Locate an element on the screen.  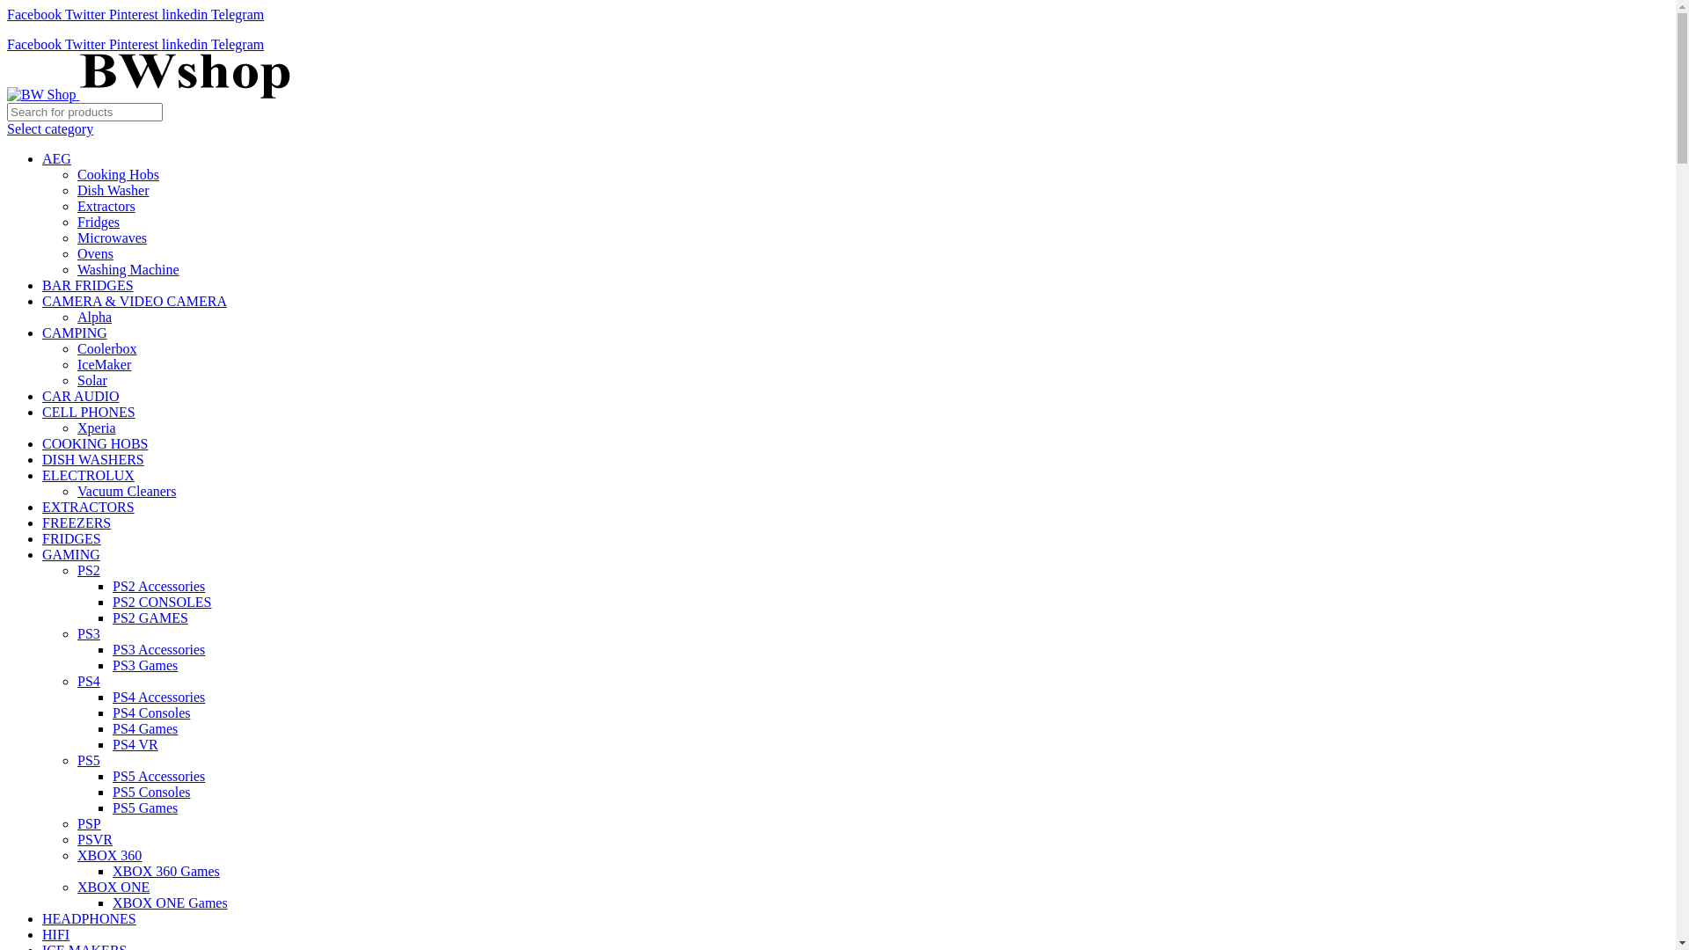
'Telegram' is located at coordinates (236, 43).